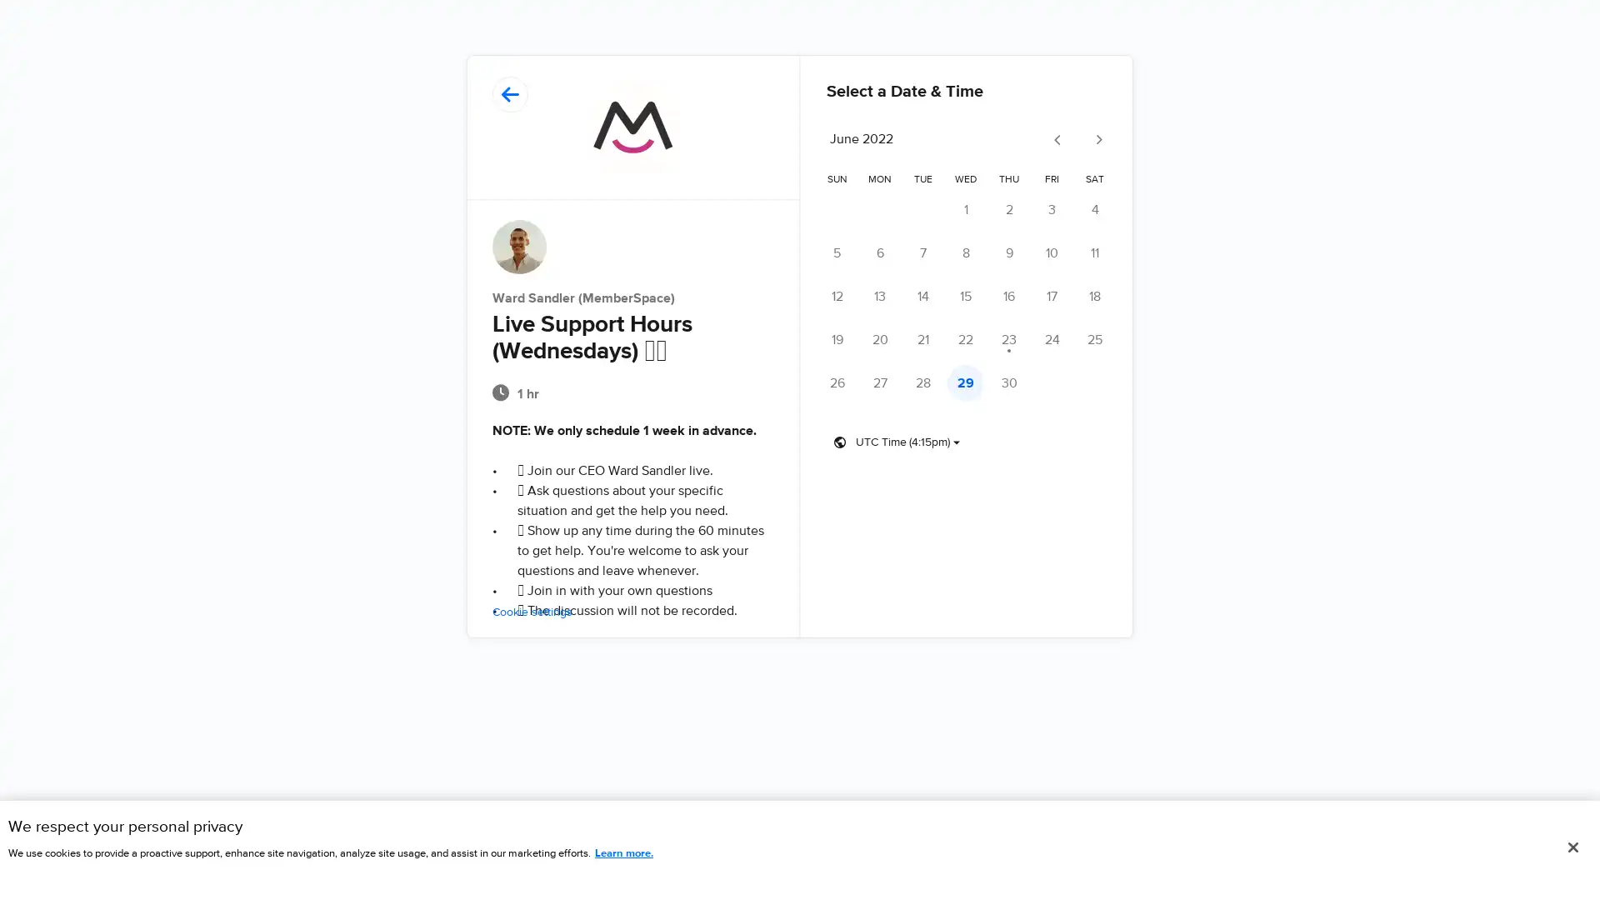 The width and height of the screenshot is (1600, 900). What do you see at coordinates (531, 612) in the screenshot?
I see `Cookie settings` at bounding box center [531, 612].